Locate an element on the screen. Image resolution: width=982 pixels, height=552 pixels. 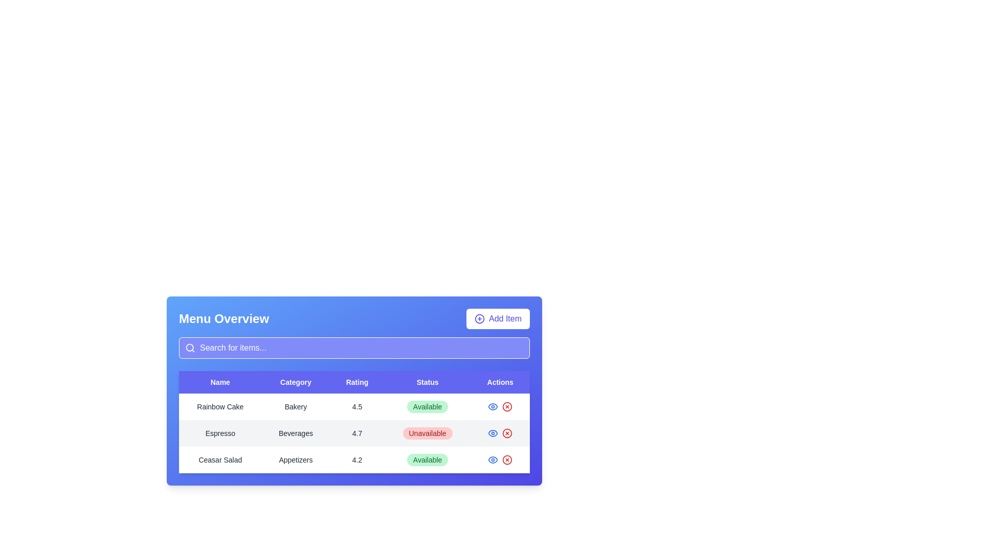
the 'Actions' column header in the data table, which is the rightmost header positioned after the 'Status' column is located at coordinates (500, 382).